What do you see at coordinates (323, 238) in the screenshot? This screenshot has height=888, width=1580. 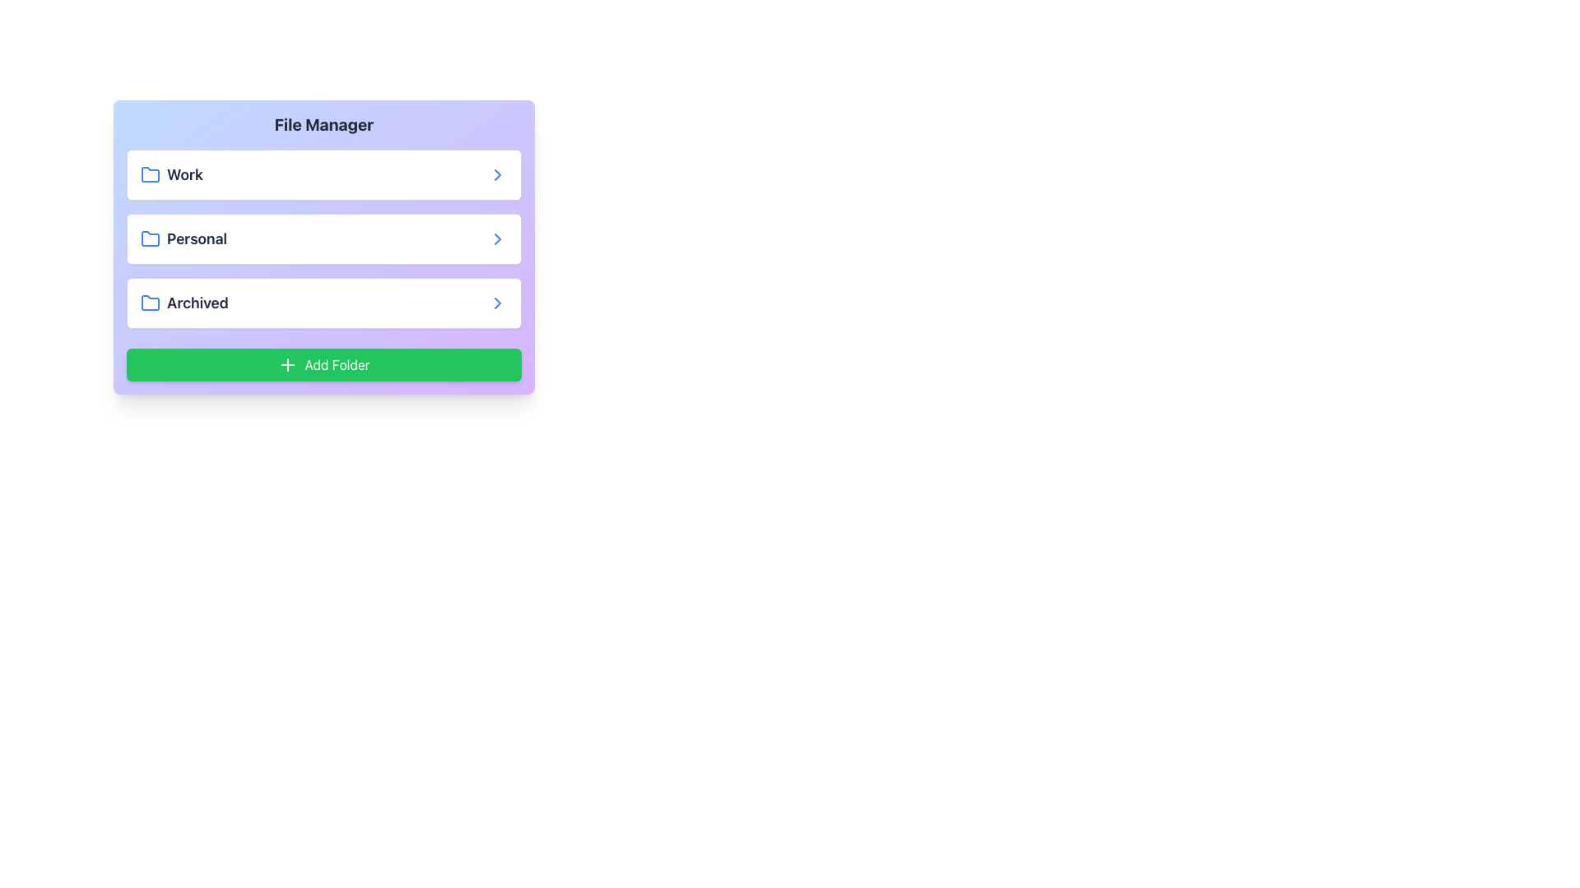 I see `the second item in the list, labeled 'Personal'` at bounding box center [323, 238].